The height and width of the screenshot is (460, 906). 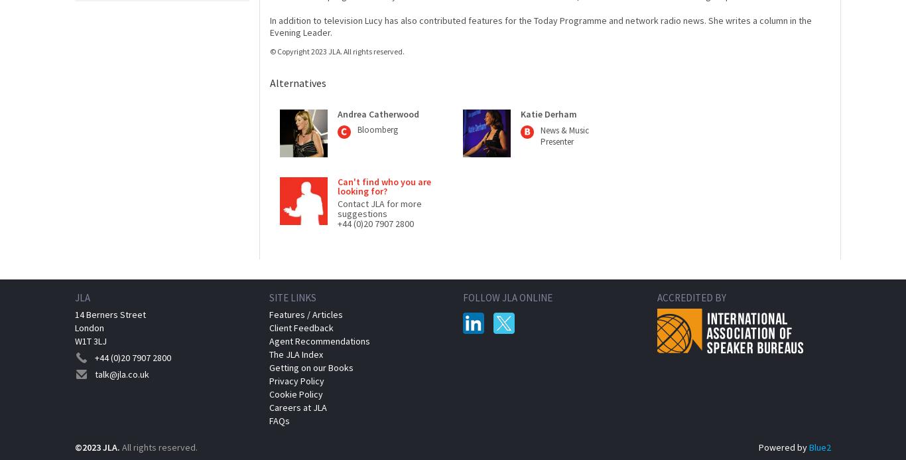 I want to click on 'News & Music Presenter', so click(x=564, y=135).